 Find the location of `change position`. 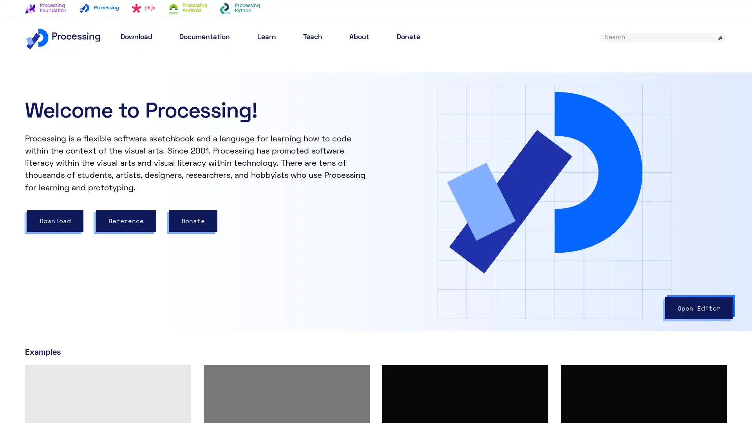

change position is located at coordinates (492, 268).